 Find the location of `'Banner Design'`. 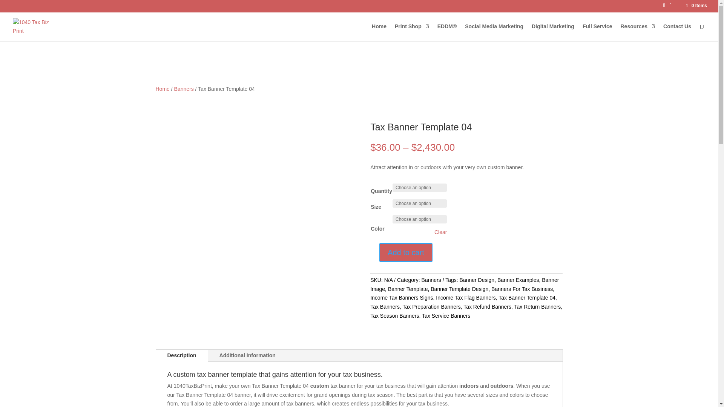

'Banner Design' is located at coordinates (477, 280).